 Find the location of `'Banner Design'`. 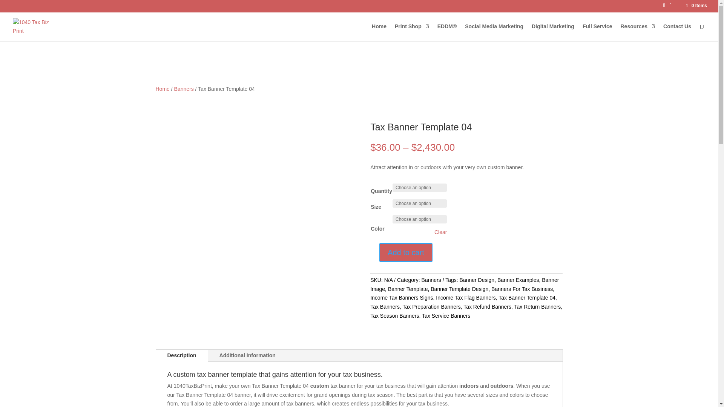

'Banner Design' is located at coordinates (477, 280).